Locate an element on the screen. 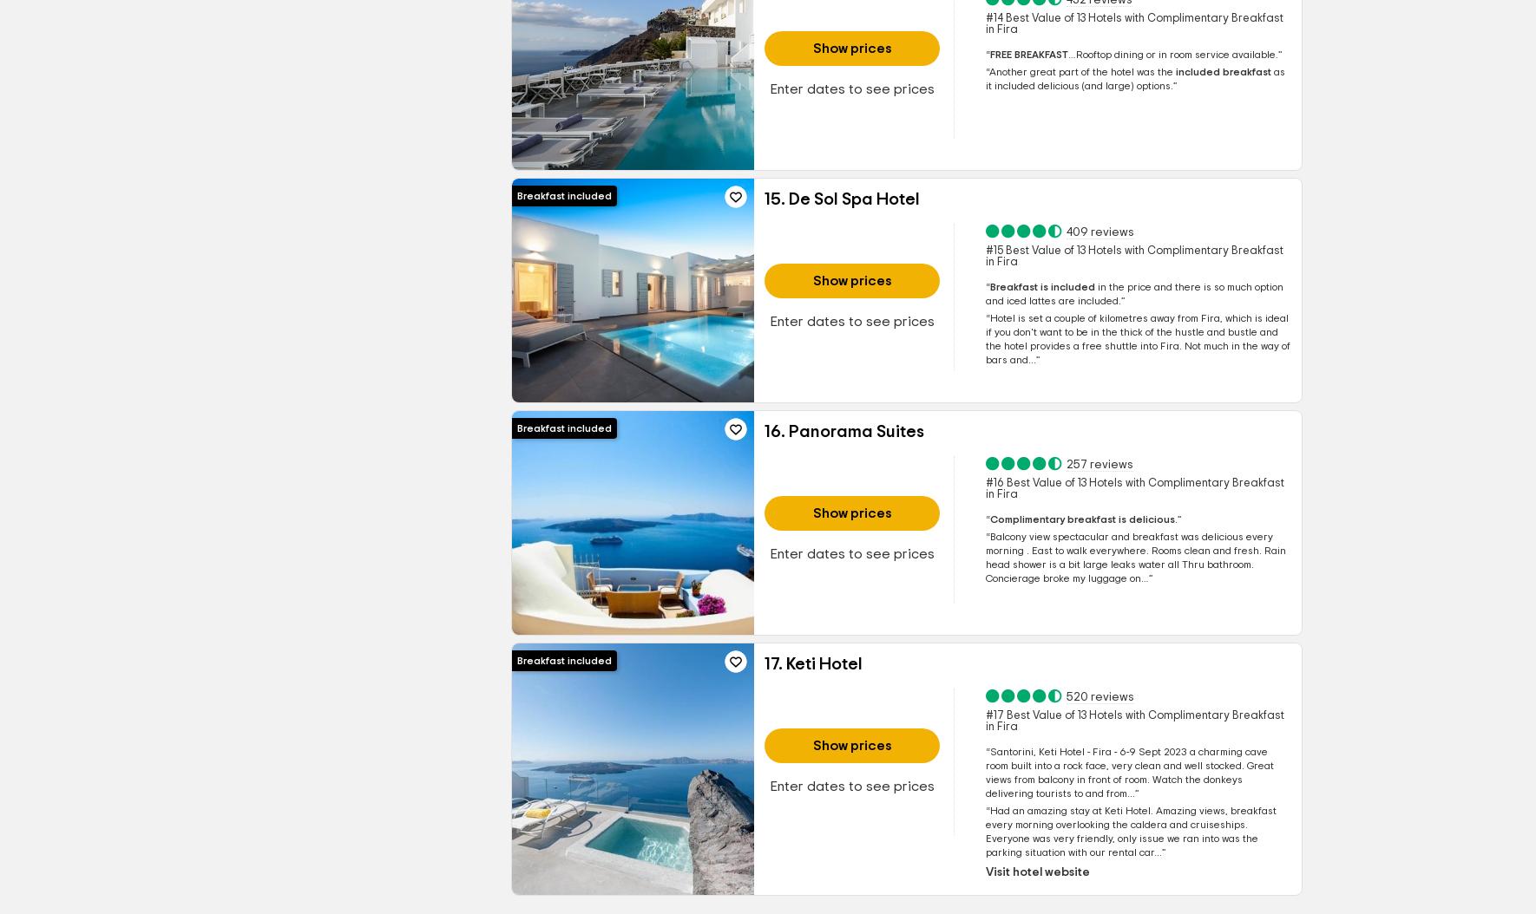 This screenshot has width=1536, height=914. 'Fira, which is ideal if you don't want to be in the thick of the hustle and bustle and the hotel provides a free shuttle into Fira. 
Not much in the way of bars and...' is located at coordinates (1136, 338).